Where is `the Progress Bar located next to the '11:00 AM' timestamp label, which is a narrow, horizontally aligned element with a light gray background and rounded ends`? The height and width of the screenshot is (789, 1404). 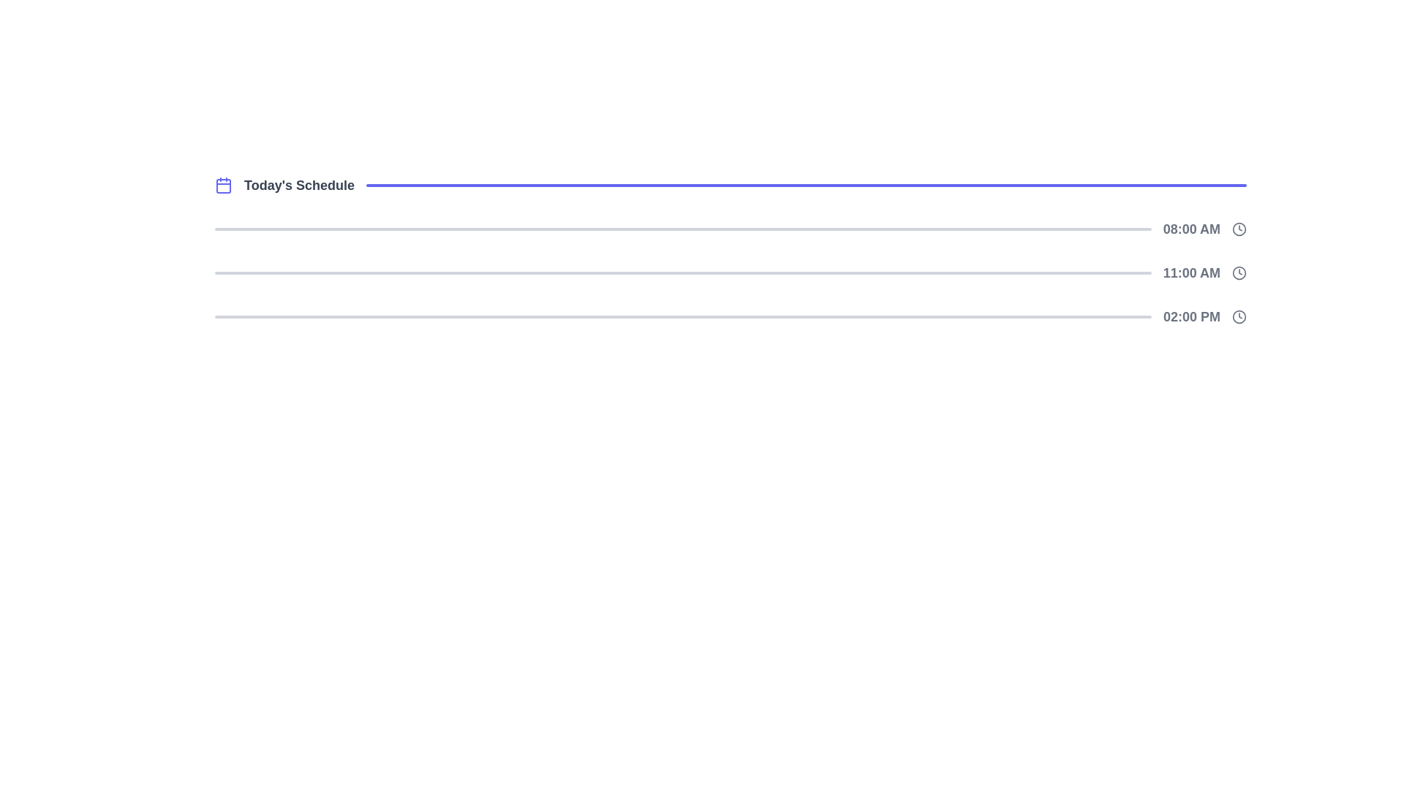 the Progress Bar located next to the '11:00 AM' timestamp label, which is a narrow, horizontally aligned element with a light gray background and rounded ends is located at coordinates (682, 273).